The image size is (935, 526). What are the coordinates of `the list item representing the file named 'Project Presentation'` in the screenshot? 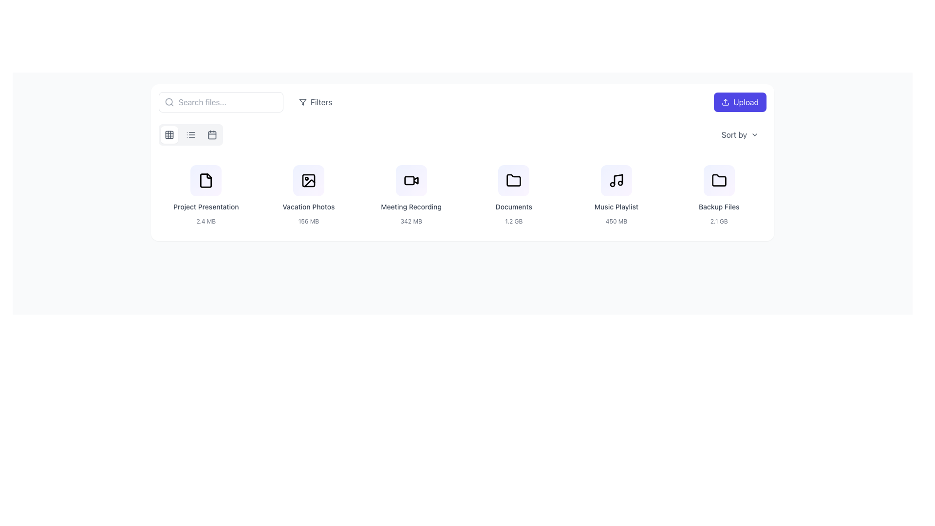 It's located at (206, 195).